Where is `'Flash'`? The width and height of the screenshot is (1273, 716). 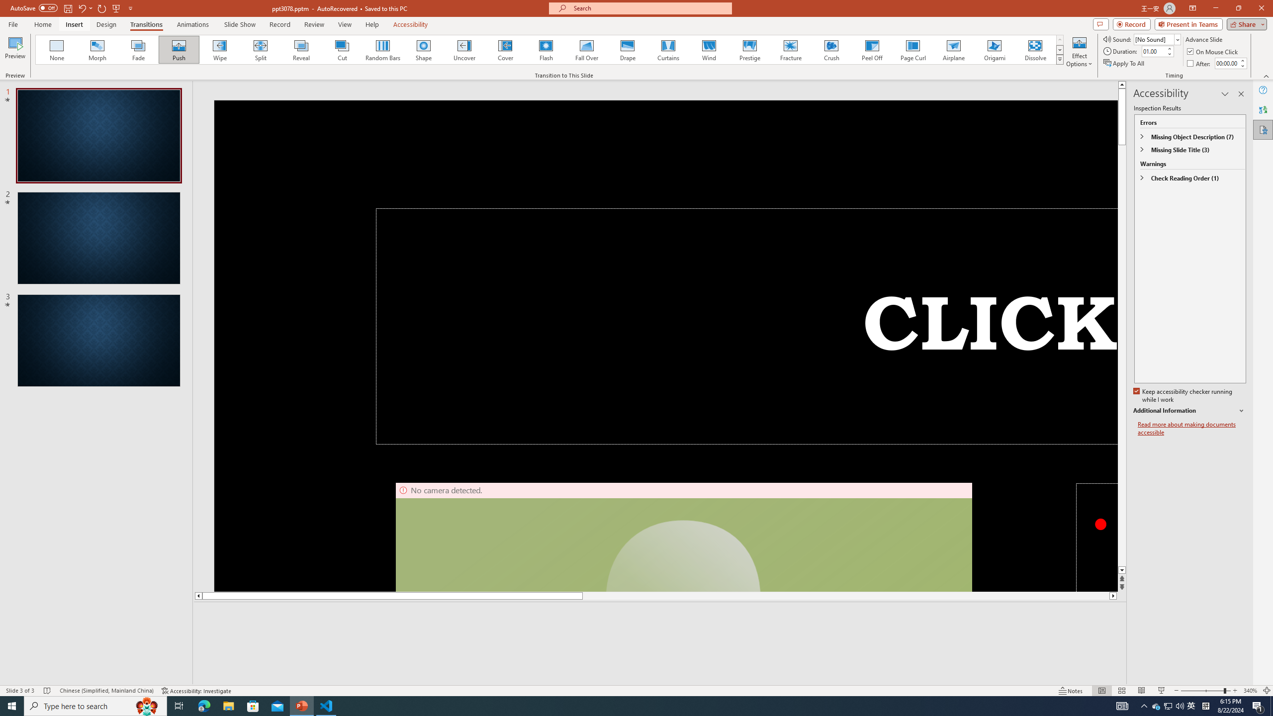 'Flash' is located at coordinates (546, 49).